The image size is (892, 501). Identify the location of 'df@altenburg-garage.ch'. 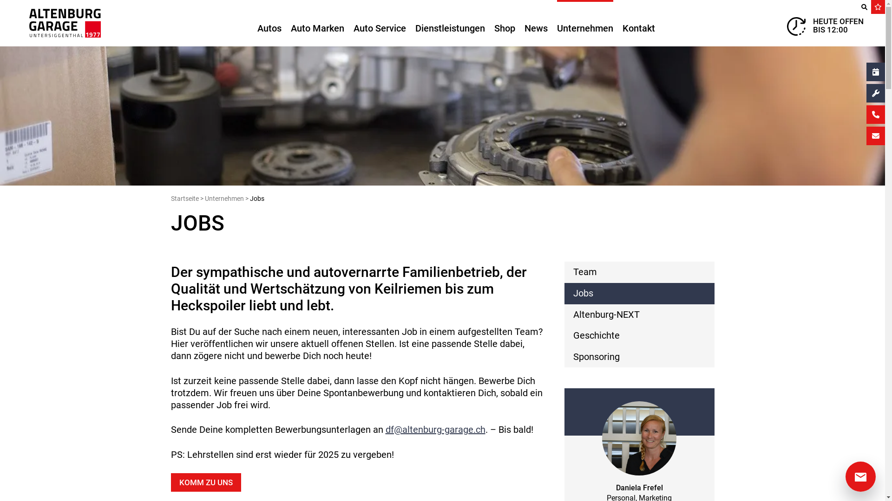
(435, 429).